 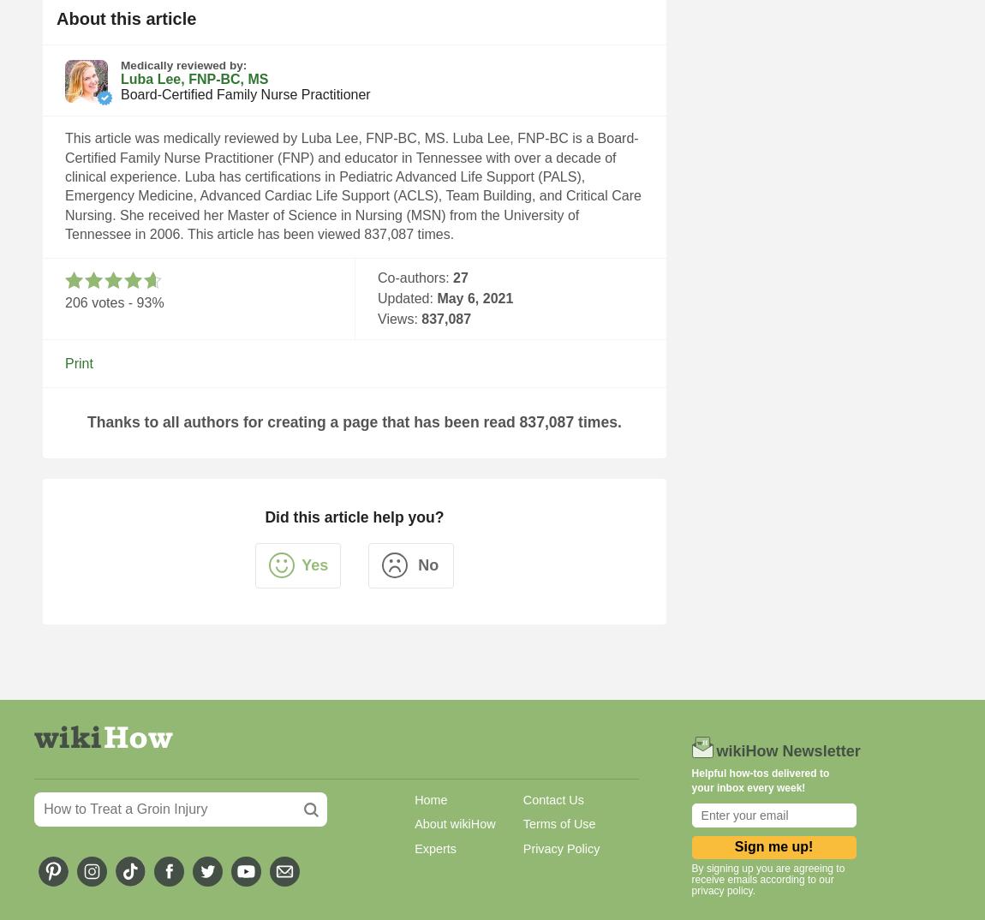 I want to click on 'This article was medically reviewed by Luba Lee, FNP-BC, MS. Luba Lee, FNP-BC is a Board-Certified Family Nurse Practitioner (FNP) and educator in Tennessee with over a decade of clinical experience. Luba has certifications in Pediatric Advanced Life Support (PALS), Emergency Medicine, Advanced Cardiac Life Support (ACLS), Team Building, and Critical Care Nursing. She received her Master of Science in Nursing (MSN) from the University of Tennessee in 2006.  This article has been viewed 837,087 times.', so click(x=353, y=185).